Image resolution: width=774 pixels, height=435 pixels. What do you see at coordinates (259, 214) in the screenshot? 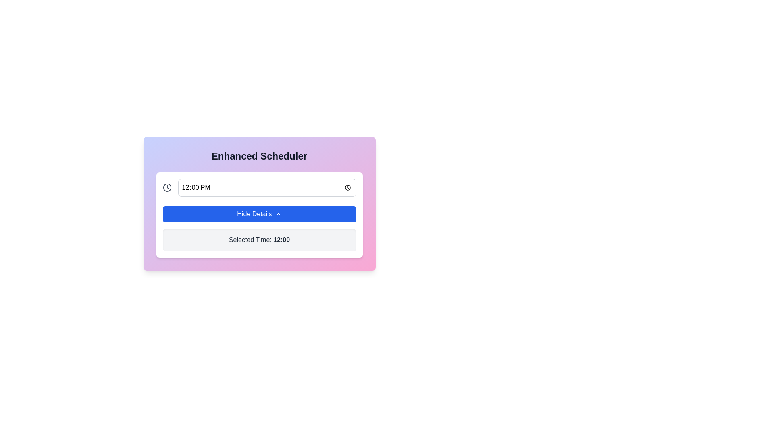
I see `the toggle button located centrally within the modal interface to hide the currently visible details or additional information` at bounding box center [259, 214].